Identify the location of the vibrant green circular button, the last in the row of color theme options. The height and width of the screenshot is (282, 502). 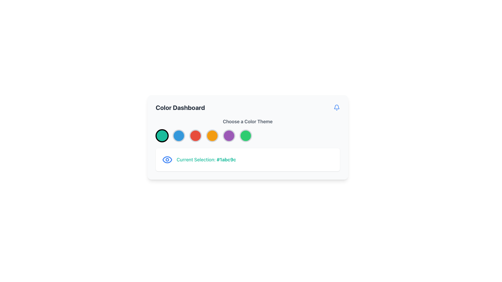
(245, 136).